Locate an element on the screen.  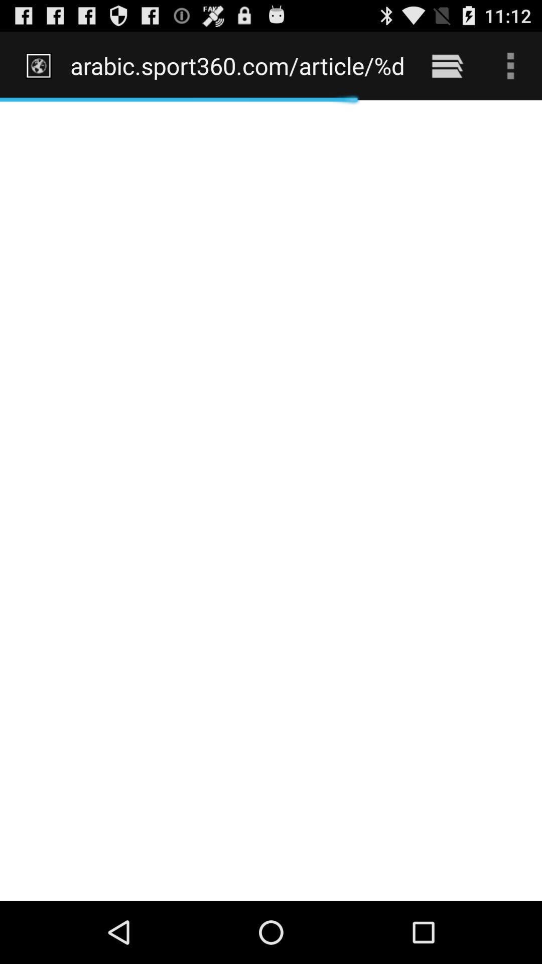
the icon below the arabic sport360 com item is located at coordinates (271, 500).